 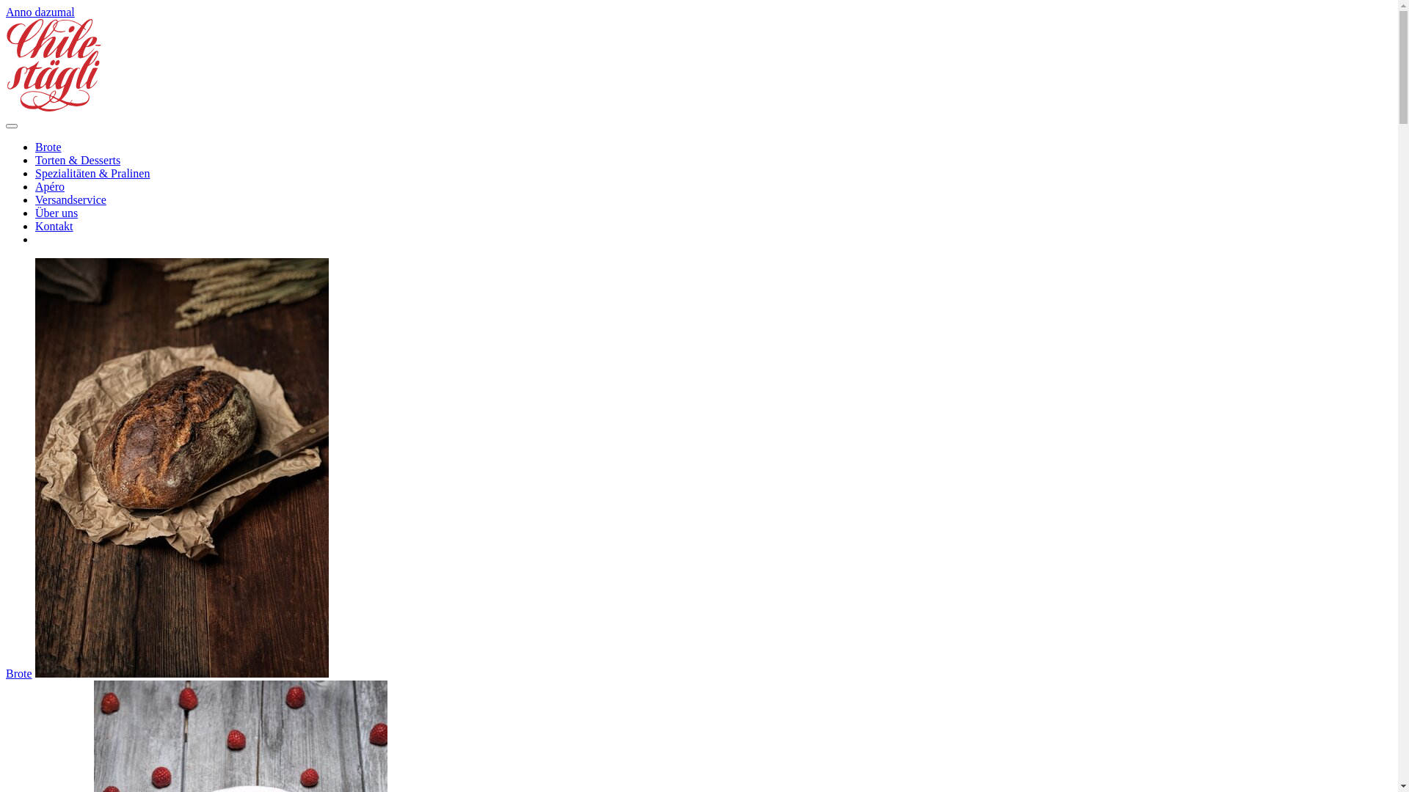 What do you see at coordinates (35, 226) in the screenshot?
I see `'Kontakt'` at bounding box center [35, 226].